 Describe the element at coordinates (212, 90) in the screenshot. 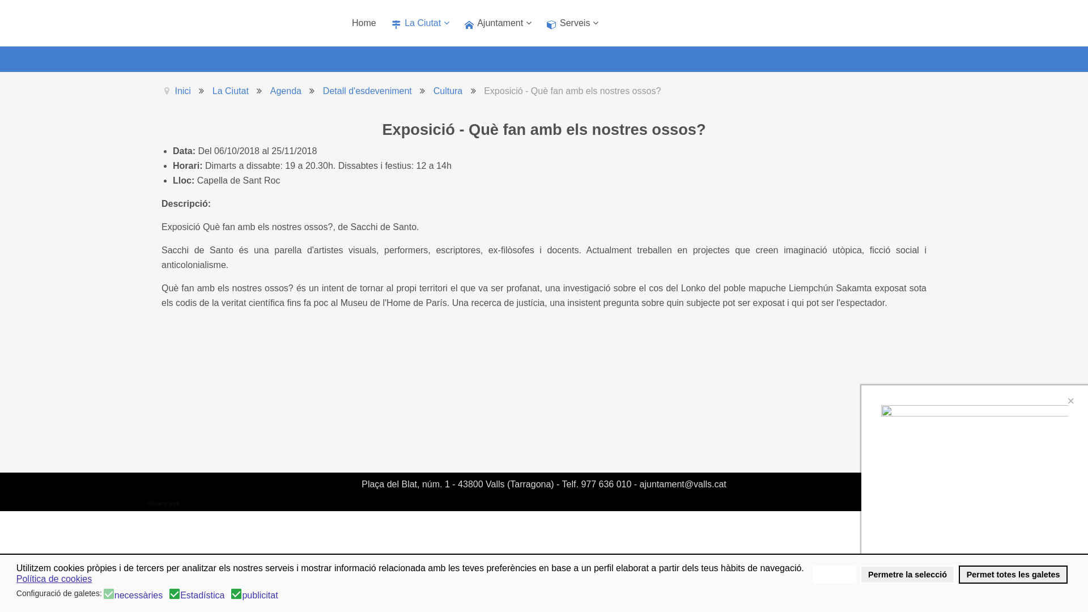

I see `'La Ciutat'` at that location.